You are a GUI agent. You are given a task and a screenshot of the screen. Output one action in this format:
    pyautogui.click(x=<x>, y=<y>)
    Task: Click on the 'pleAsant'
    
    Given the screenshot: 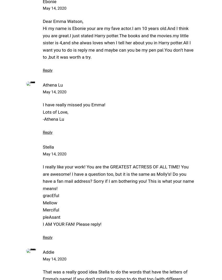 What is the action you would take?
    pyautogui.click(x=51, y=217)
    